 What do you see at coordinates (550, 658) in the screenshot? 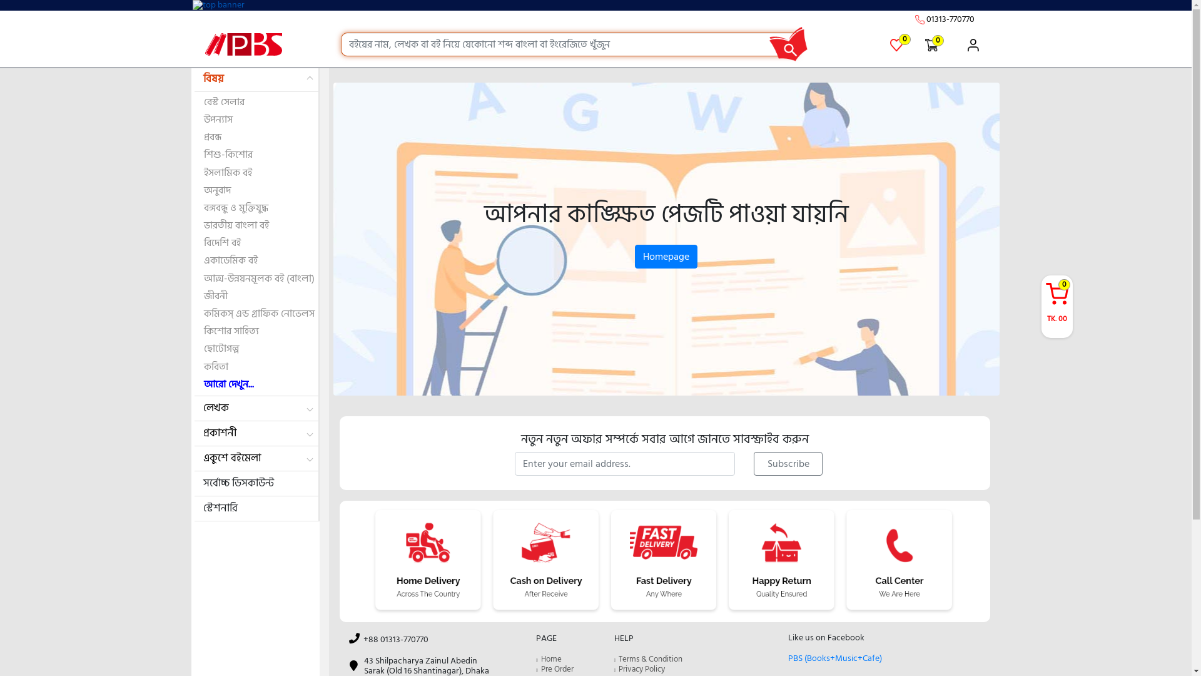
I see `'Home'` at bounding box center [550, 658].